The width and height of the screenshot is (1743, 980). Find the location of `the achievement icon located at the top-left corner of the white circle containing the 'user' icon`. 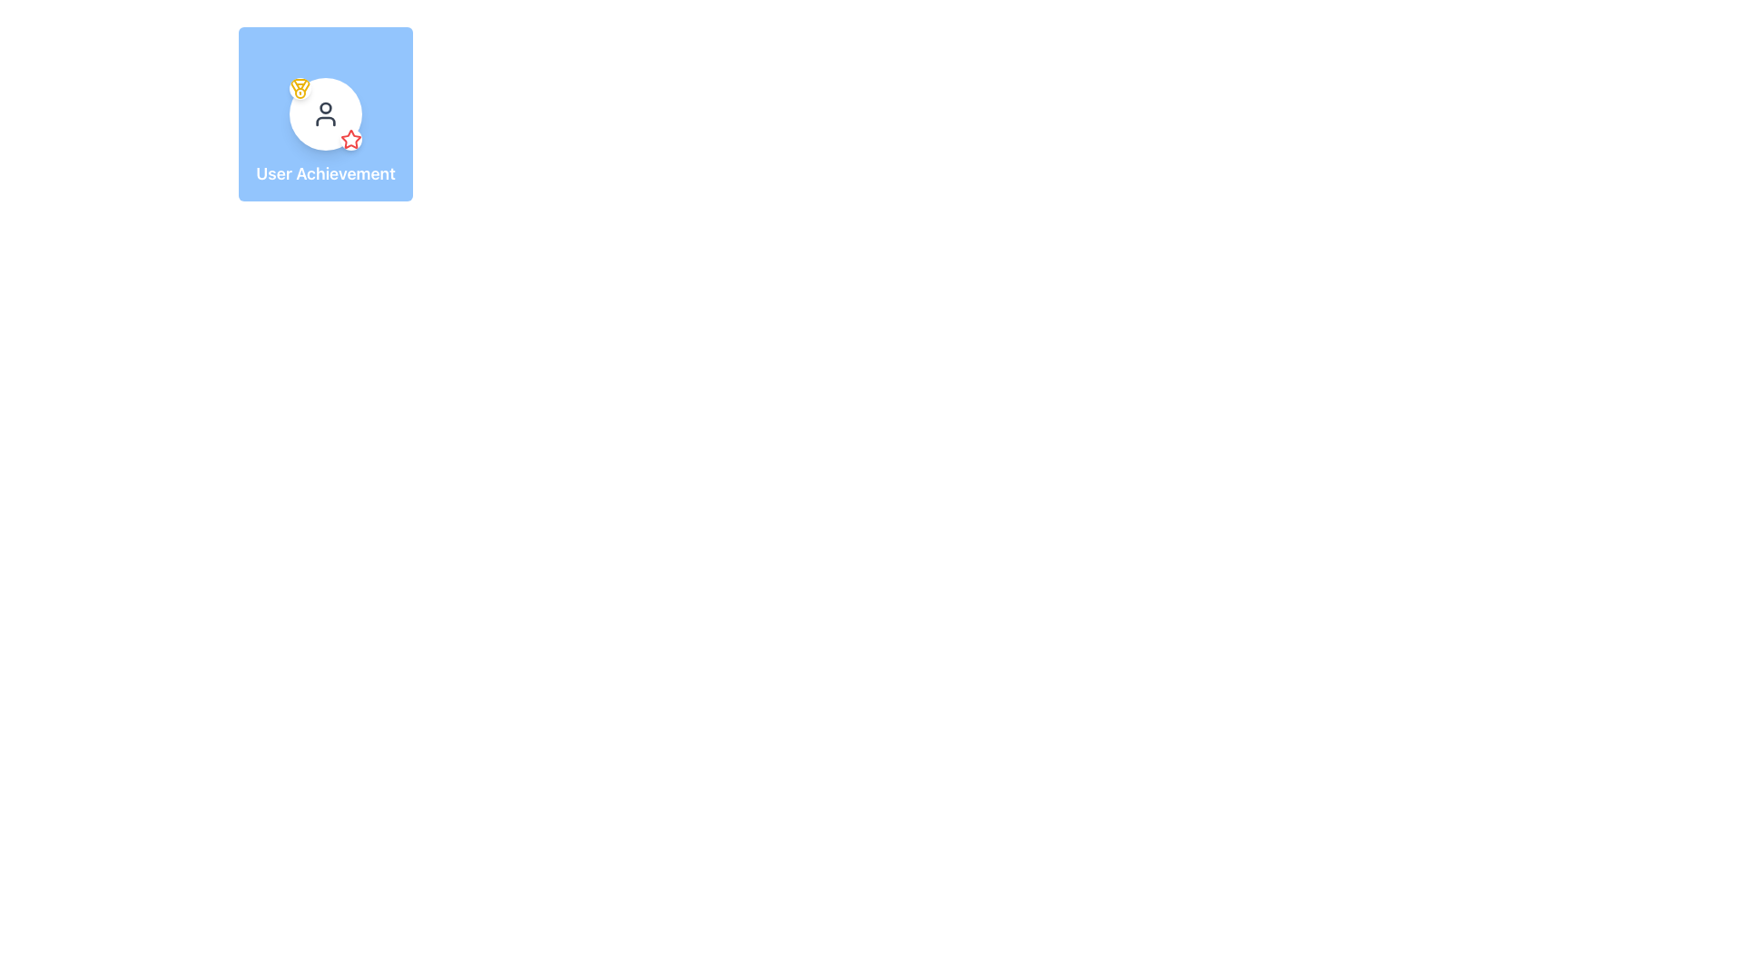

the achievement icon located at the top-left corner of the white circle containing the 'user' icon is located at coordinates (300, 88).